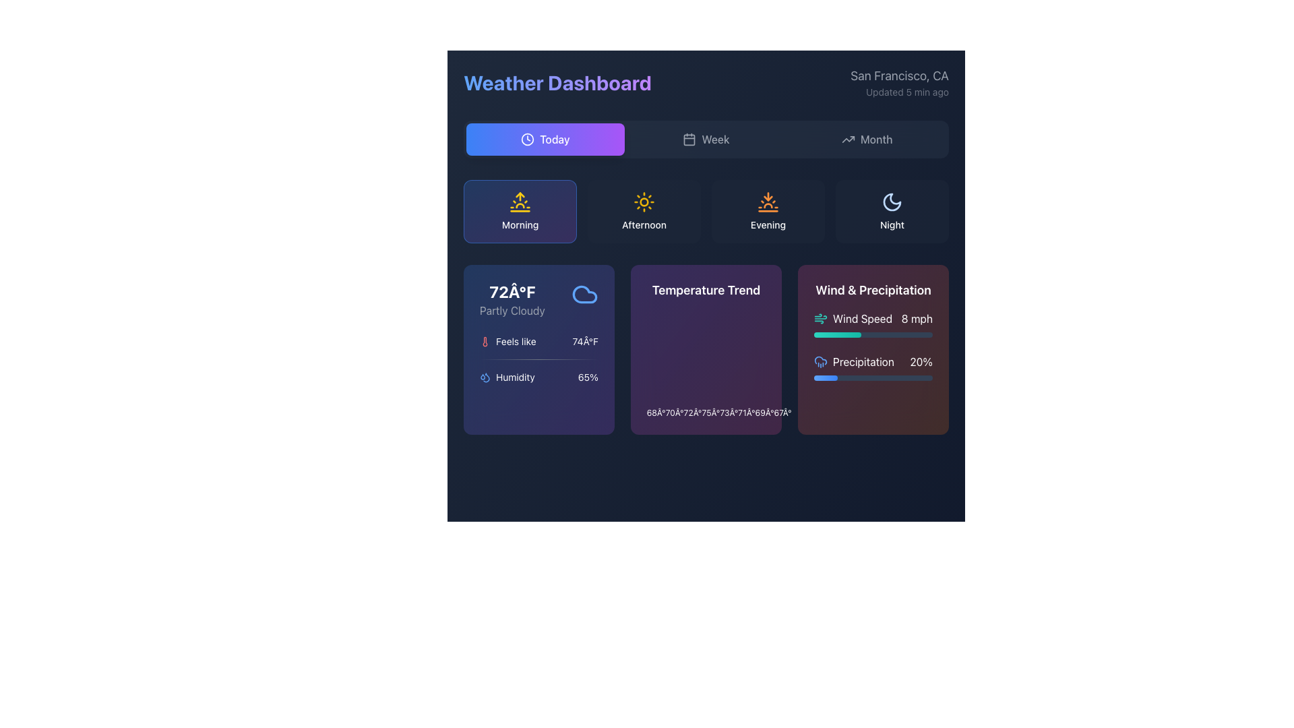 The height and width of the screenshot is (728, 1294). I want to click on precipitation level, so click(856, 334).